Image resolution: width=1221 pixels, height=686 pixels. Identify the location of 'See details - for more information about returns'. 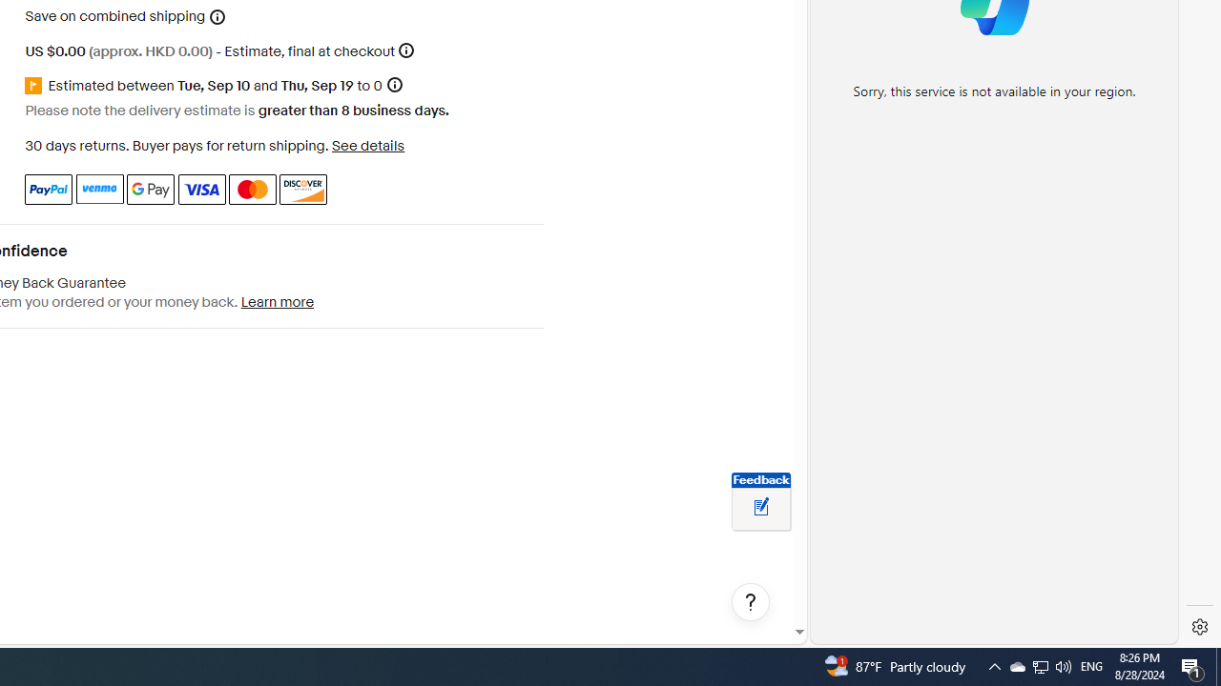
(367, 145).